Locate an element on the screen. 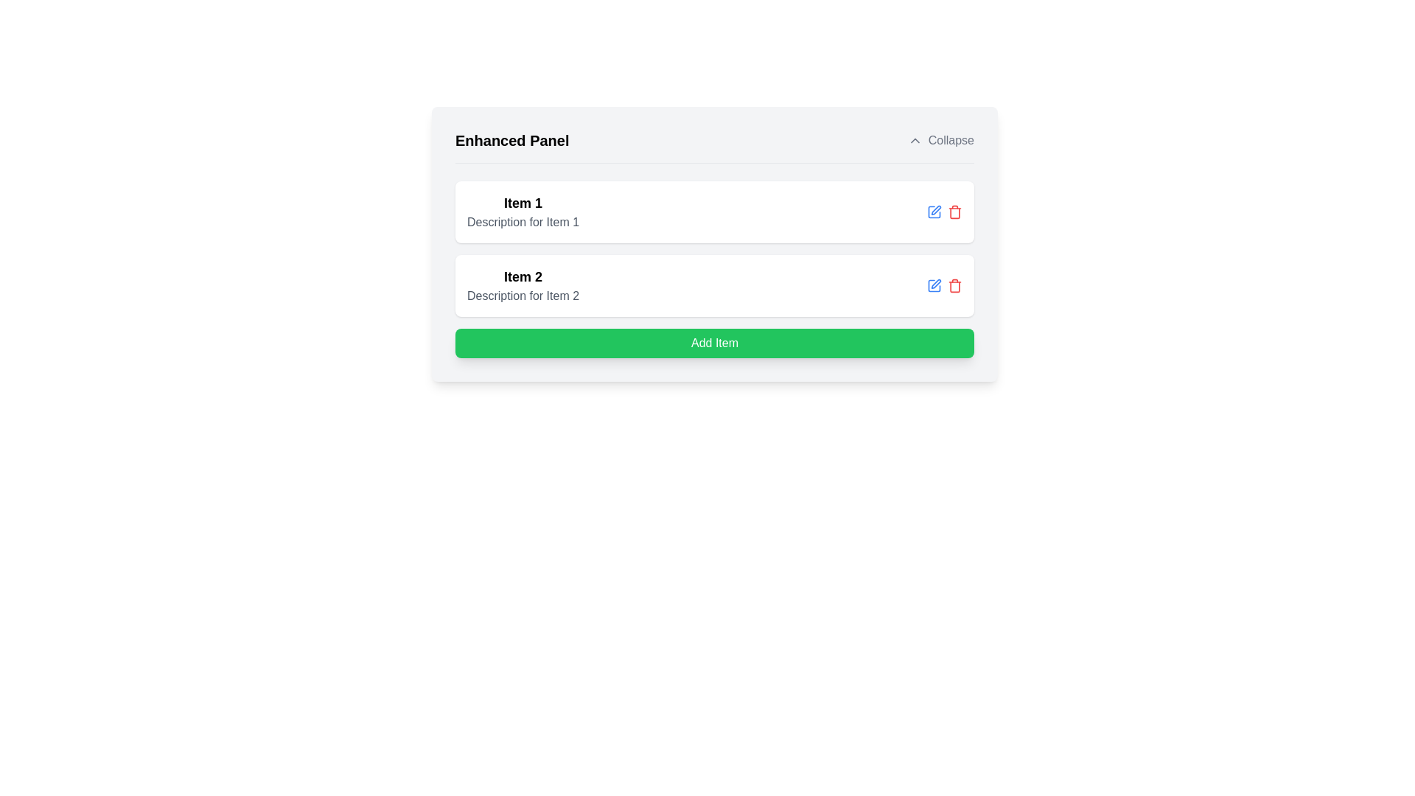  the delete button (trash icon) located to the right of the blue edit pen icon is located at coordinates (955, 286).